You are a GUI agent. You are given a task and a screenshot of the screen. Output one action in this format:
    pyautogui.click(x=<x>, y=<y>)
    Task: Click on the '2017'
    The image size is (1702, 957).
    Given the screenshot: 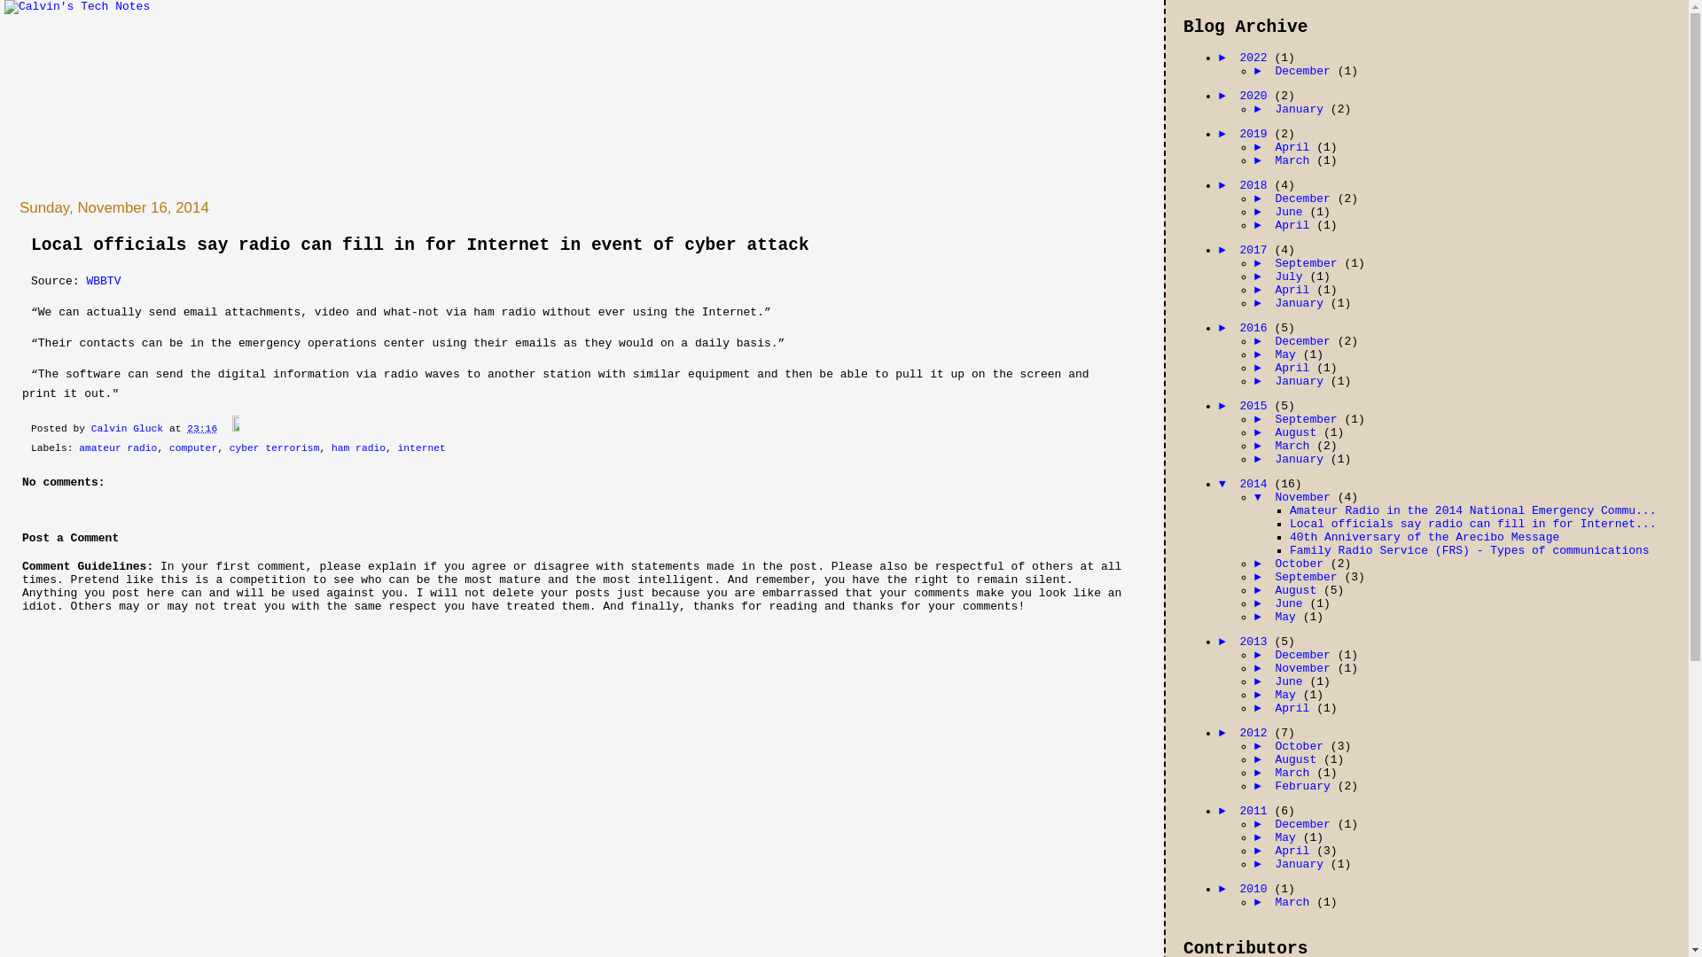 What is the action you would take?
    pyautogui.click(x=1255, y=250)
    